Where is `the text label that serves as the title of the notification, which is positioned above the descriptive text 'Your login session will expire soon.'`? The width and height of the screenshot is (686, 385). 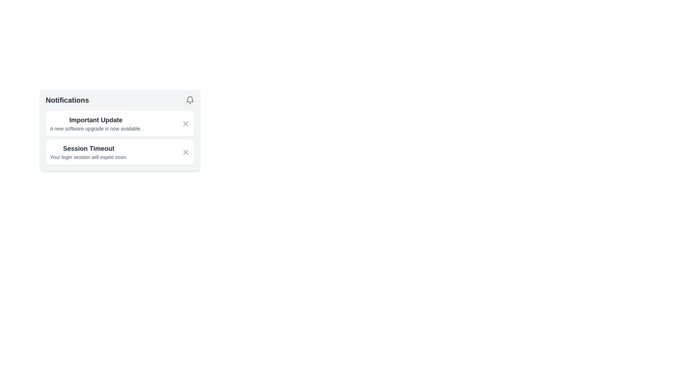 the text label that serves as the title of the notification, which is positioned above the descriptive text 'Your login session will expire soon.' is located at coordinates (88, 148).